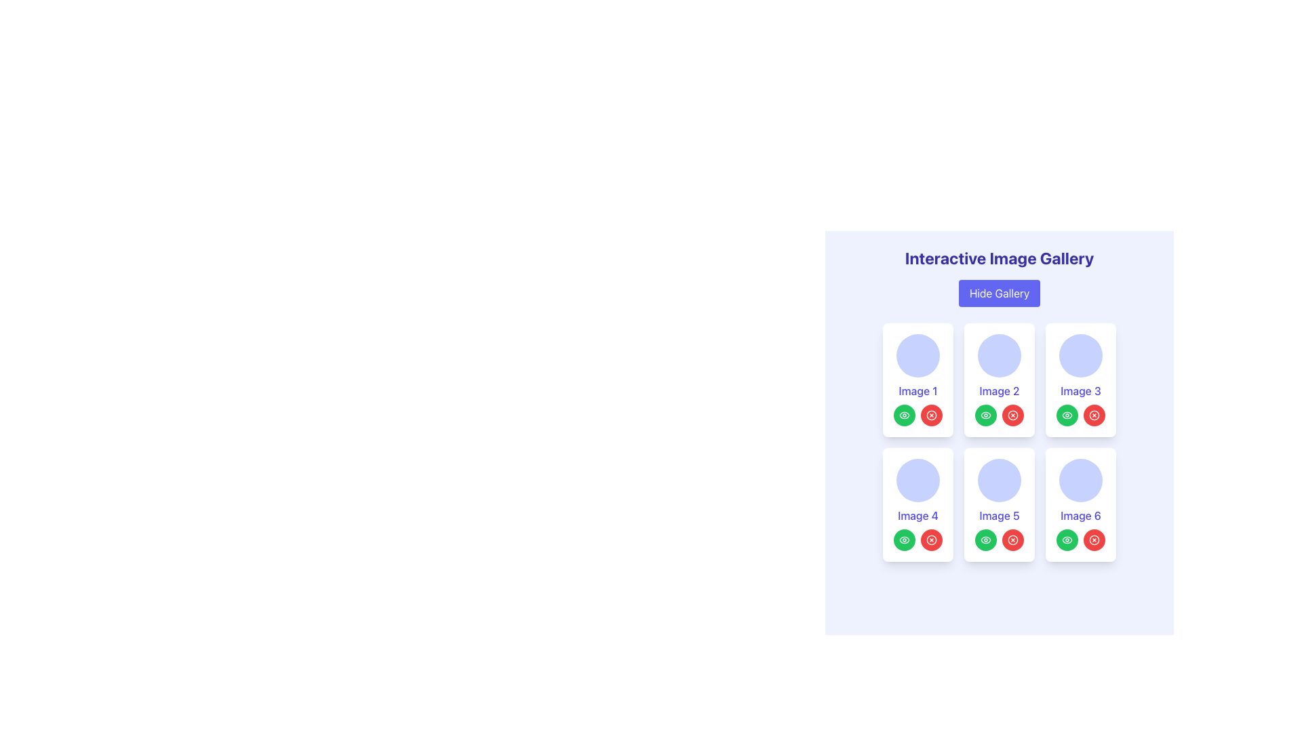  What do you see at coordinates (1067, 540) in the screenshot?
I see `the eye icon within the green circular button located beneath 'Image 6' in the gallery grid` at bounding box center [1067, 540].